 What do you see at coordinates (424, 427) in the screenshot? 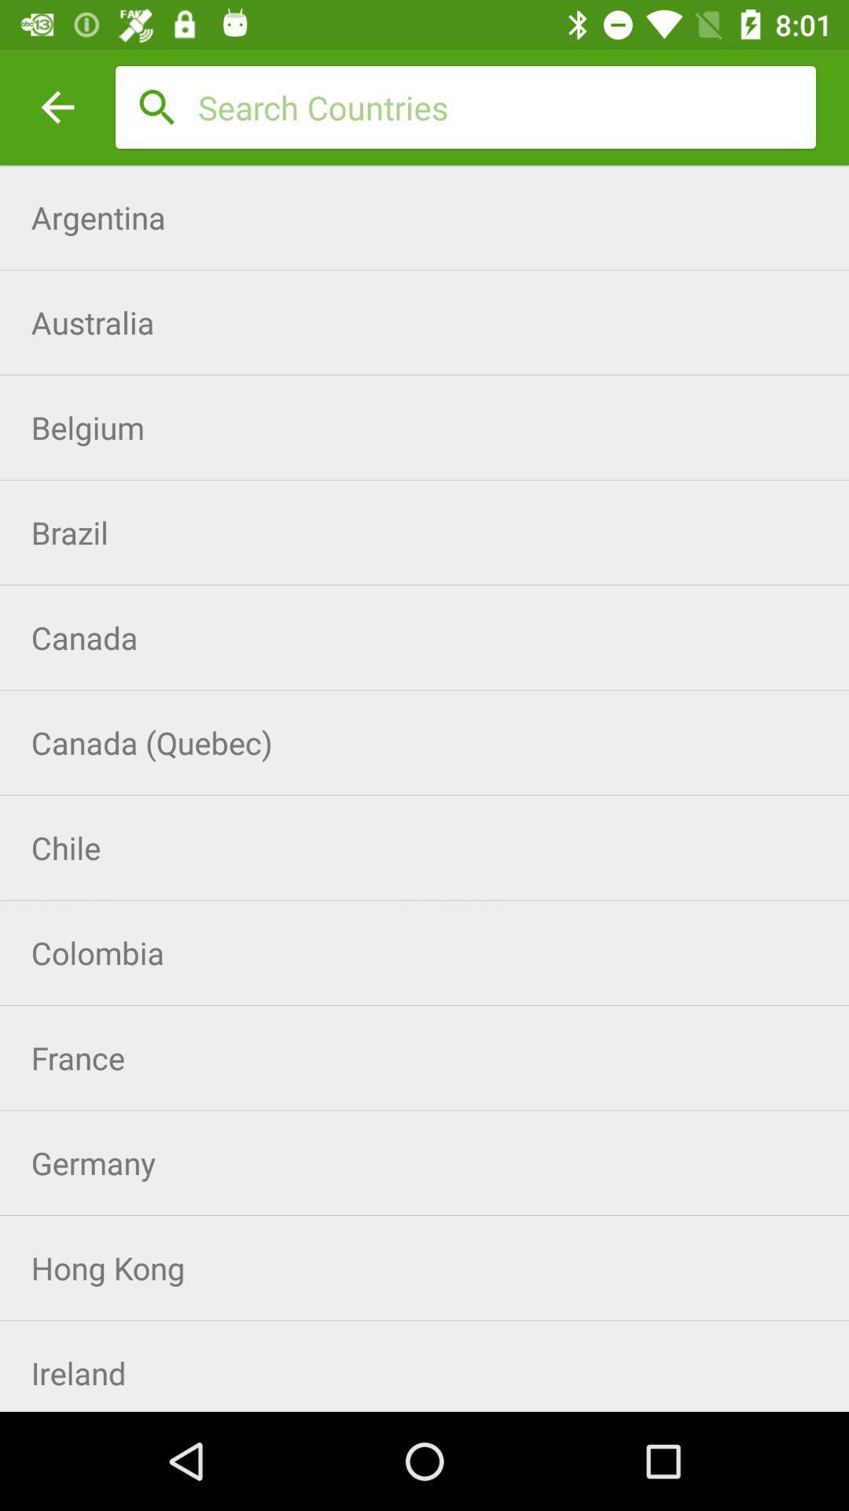
I see `the belgium icon` at bounding box center [424, 427].